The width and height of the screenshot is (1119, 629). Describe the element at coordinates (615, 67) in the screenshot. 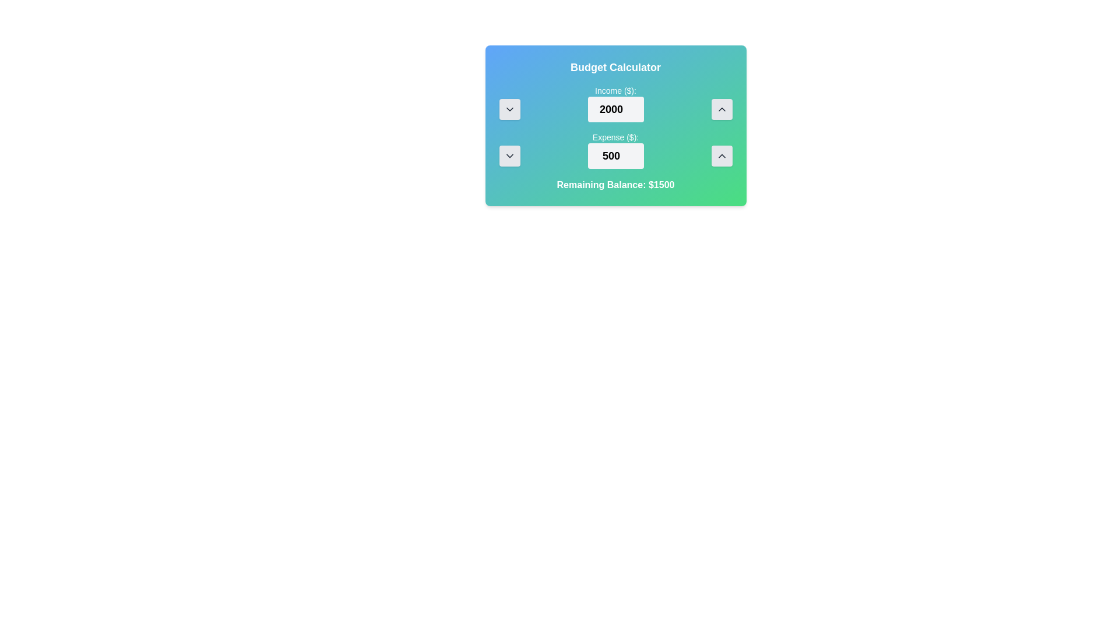

I see `the 'Budget Calculator' text label, which is displayed in large, bold, white letters at the top of a rectangular card component` at that location.